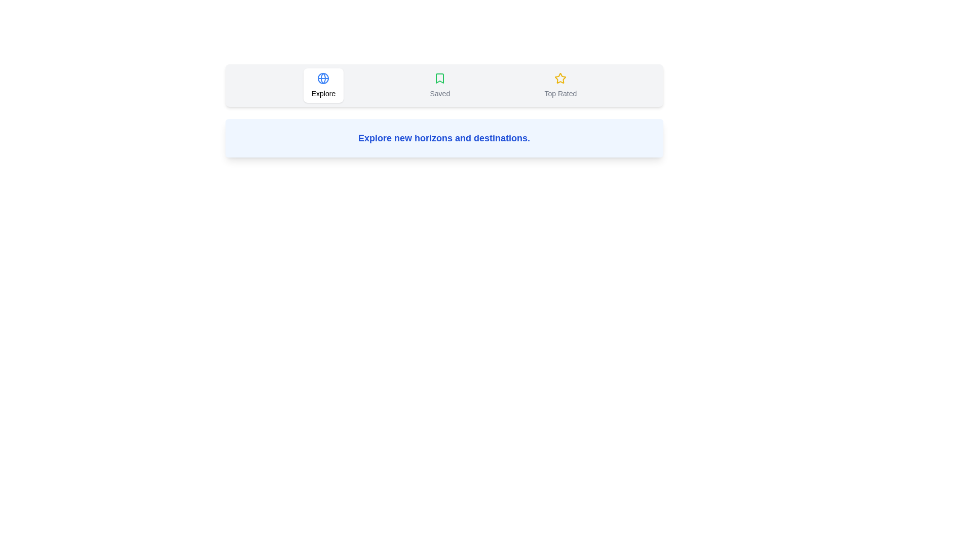  I want to click on the Saved tab, so click(440, 85).